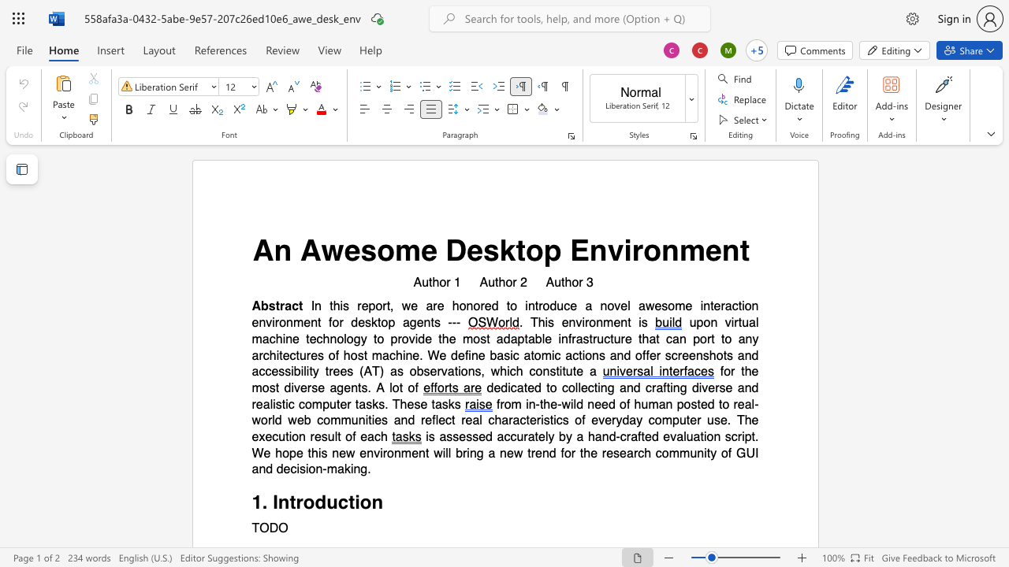 This screenshot has width=1009, height=567. What do you see at coordinates (423, 420) in the screenshot?
I see `the 4th character "r" in the text` at bounding box center [423, 420].